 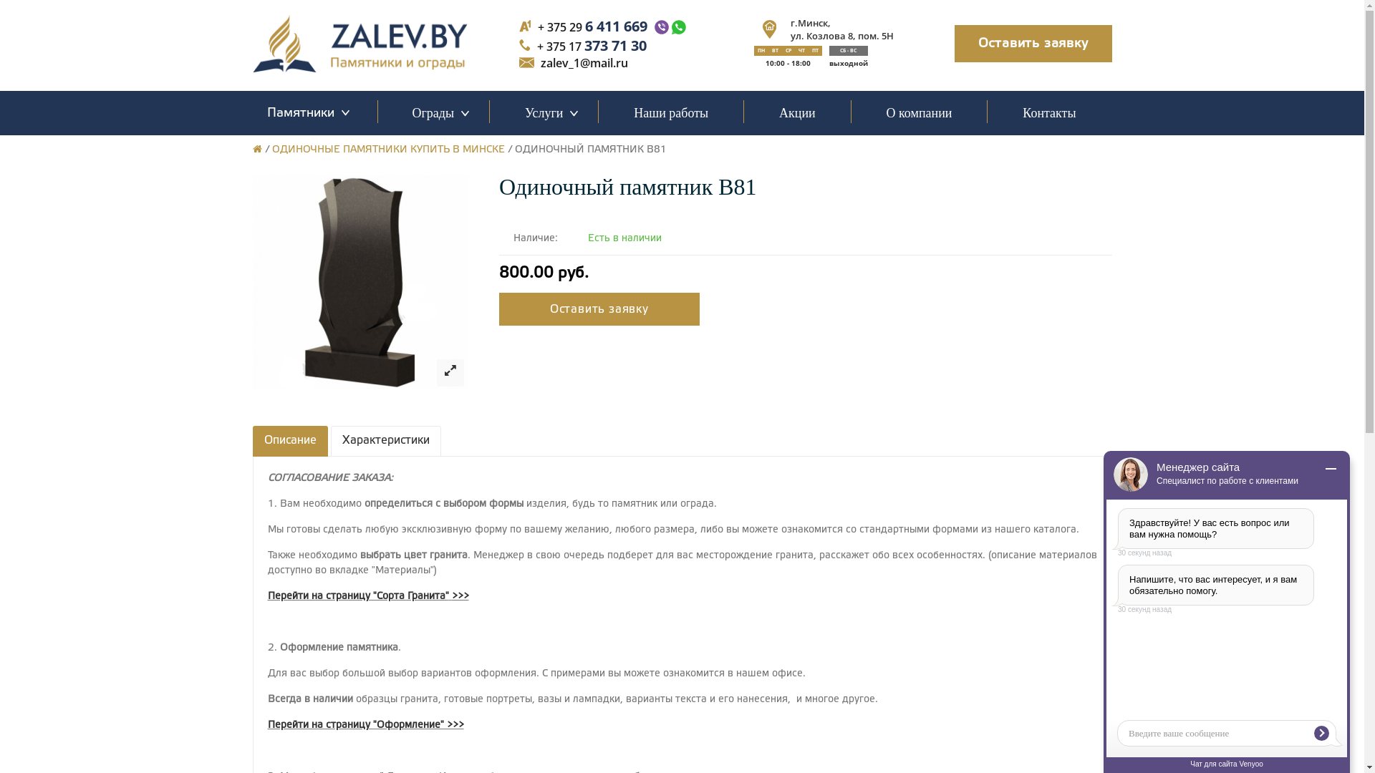 What do you see at coordinates (592, 26) in the screenshot?
I see `'+ 375 29 6 411 669'` at bounding box center [592, 26].